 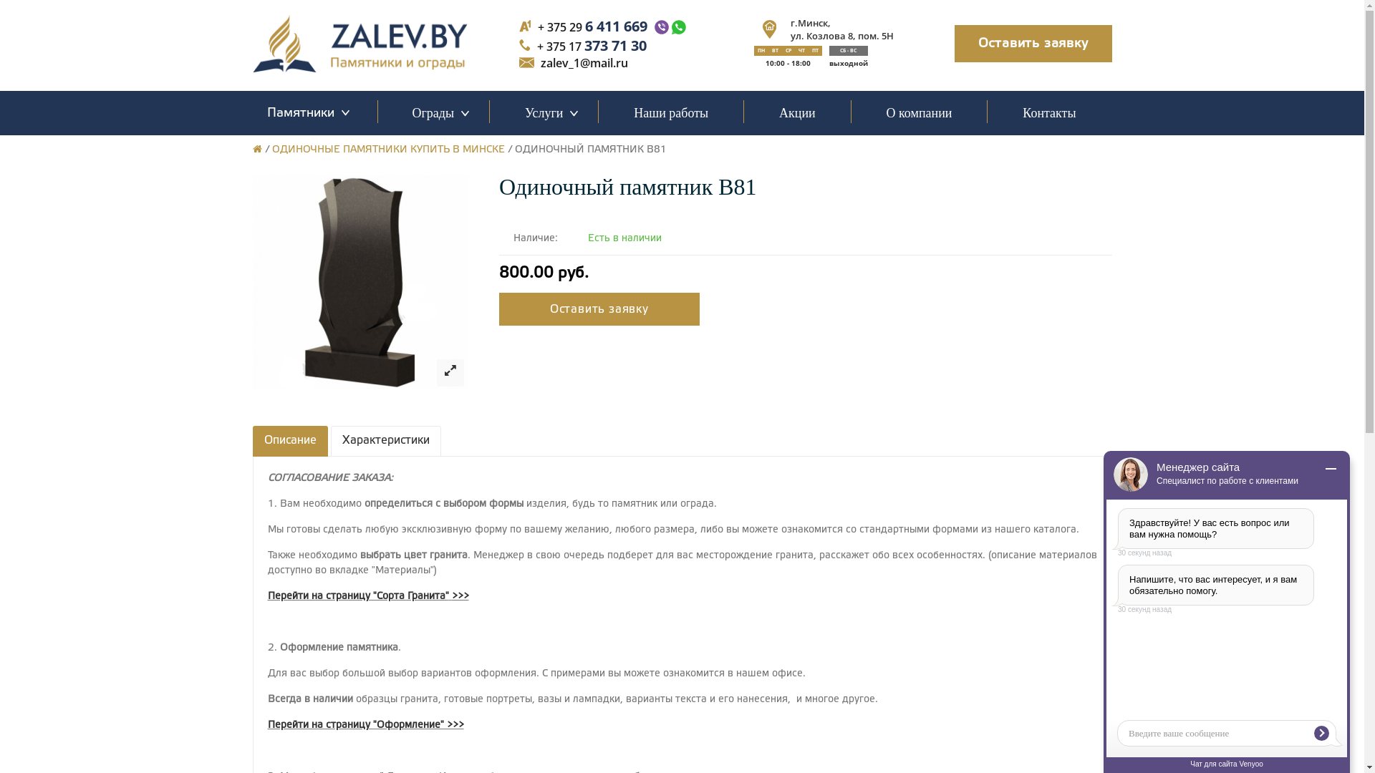 What do you see at coordinates (592, 26) in the screenshot?
I see `'+ 375 29 6 411 669'` at bounding box center [592, 26].